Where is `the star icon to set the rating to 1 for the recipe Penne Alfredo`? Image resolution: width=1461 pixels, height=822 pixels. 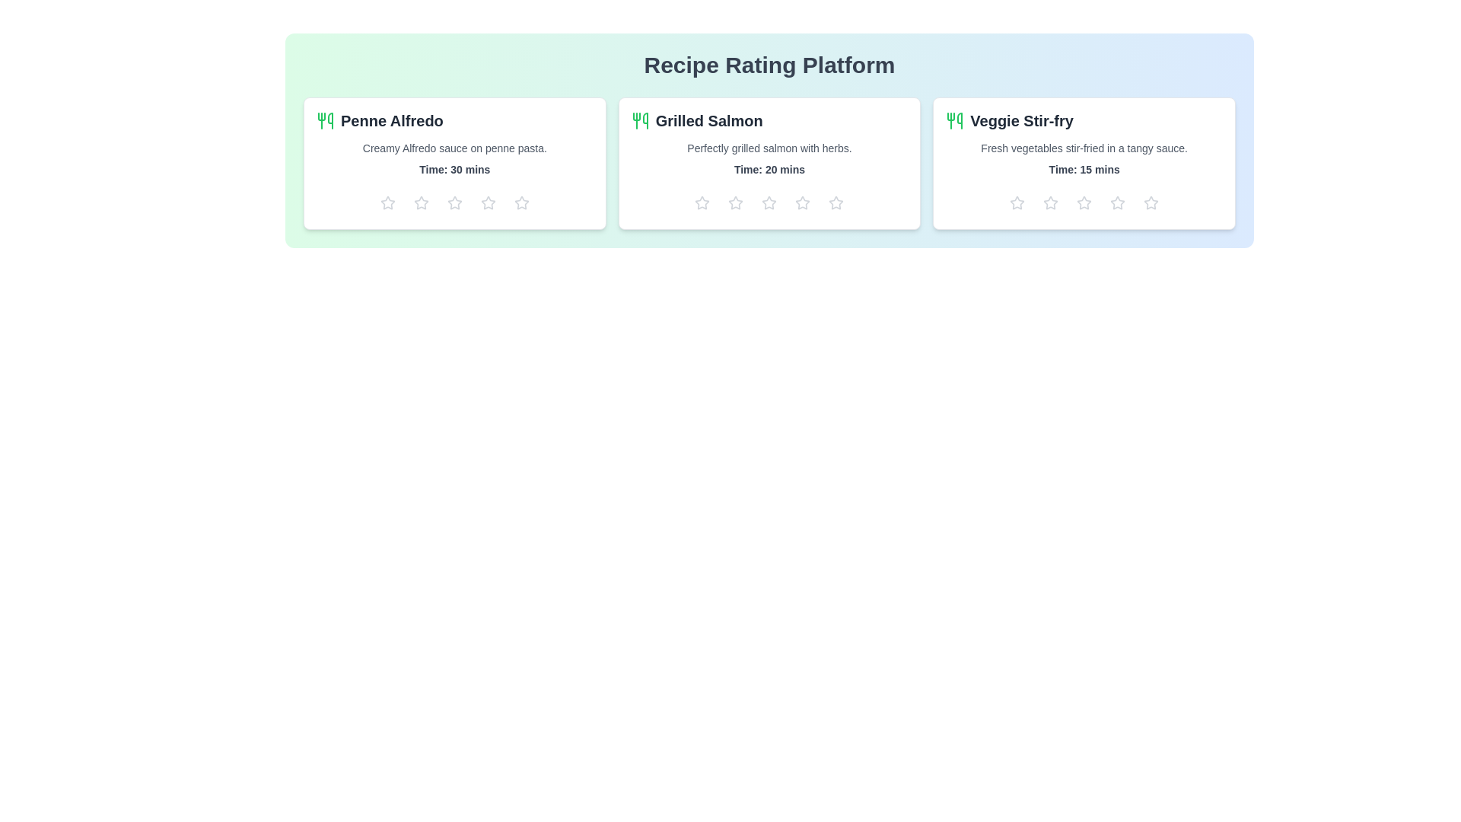
the star icon to set the rating to 1 for the recipe Penne Alfredo is located at coordinates (387, 202).